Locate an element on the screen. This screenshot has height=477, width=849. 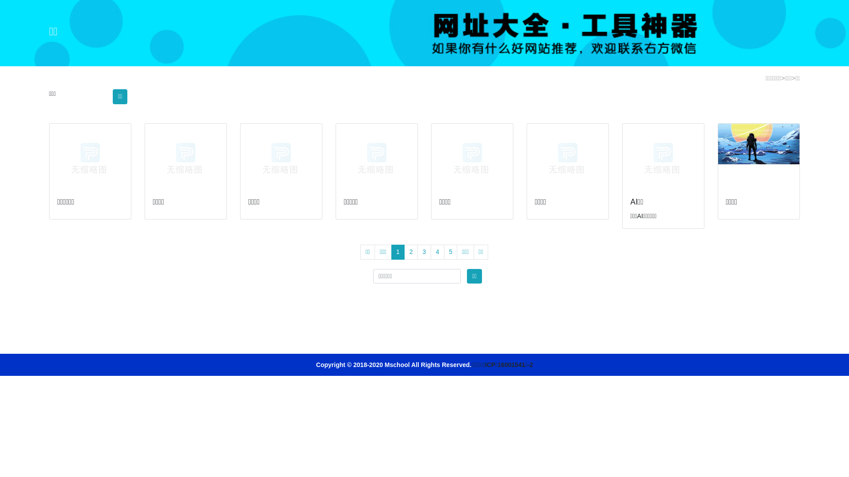
'3' is located at coordinates (424, 252).